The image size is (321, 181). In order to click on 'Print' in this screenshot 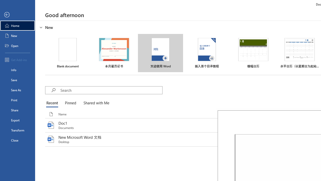, I will do `click(17, 100)`.